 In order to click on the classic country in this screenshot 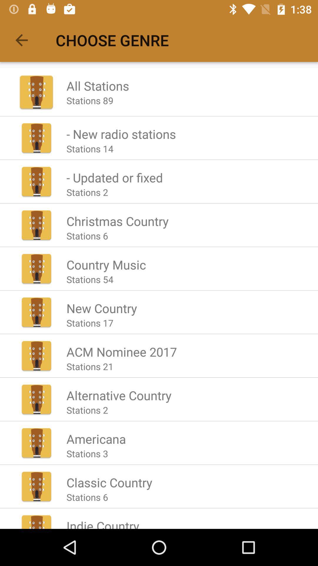, I will do `click(109, 482)`.